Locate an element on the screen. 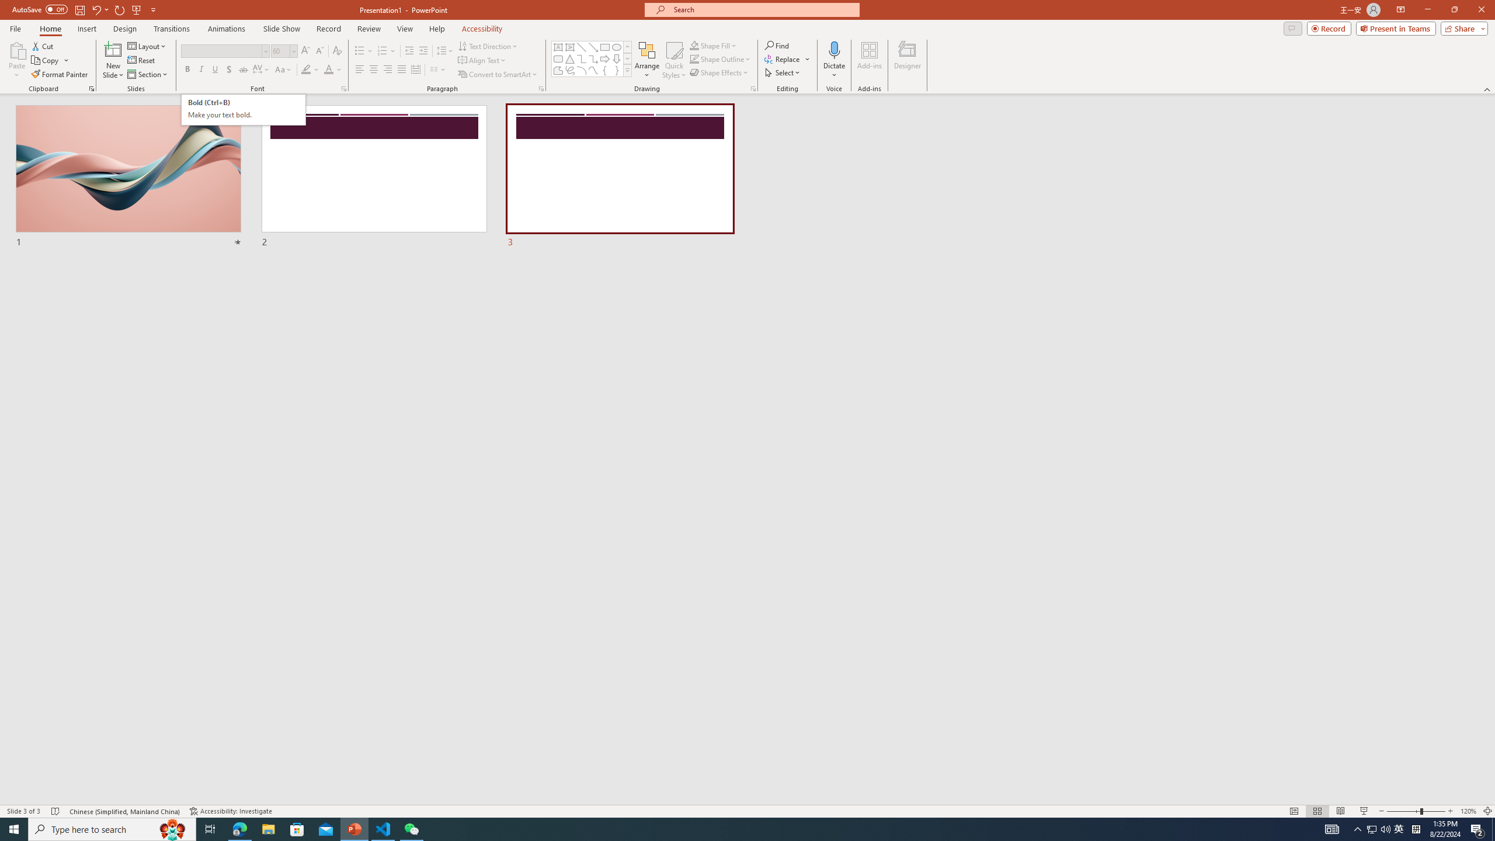 This screenshot has height=841, width=1495. 'Strikethrough' is located at coordinates (243, 69).